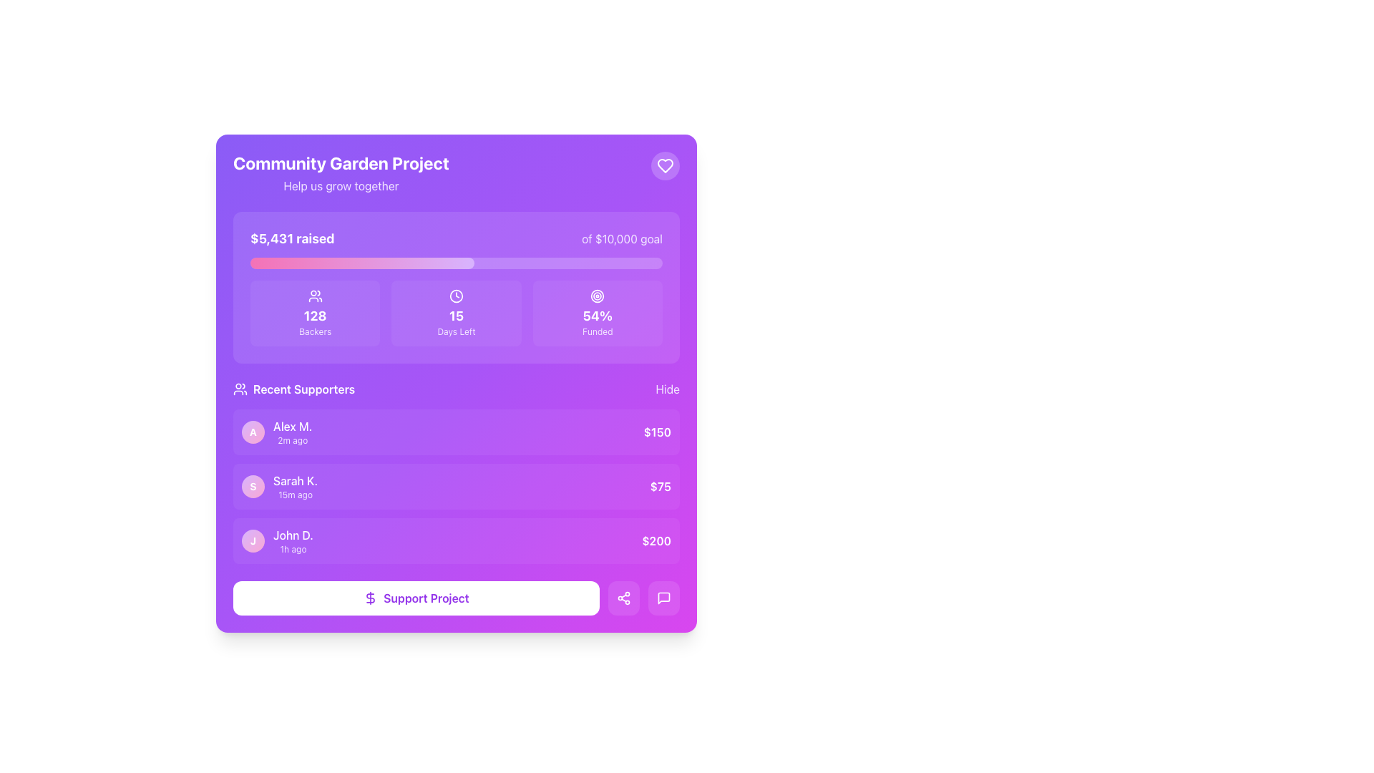  Describe the element at coordinates (294, 485) in the screenshot. I see `the text label displaying the contributor's name and donation time, located in the second row of the 'Recent Supporters' section, right below 'Alex M.' and adjacent to the circular gradient background avatar with an 'S'` at that location.